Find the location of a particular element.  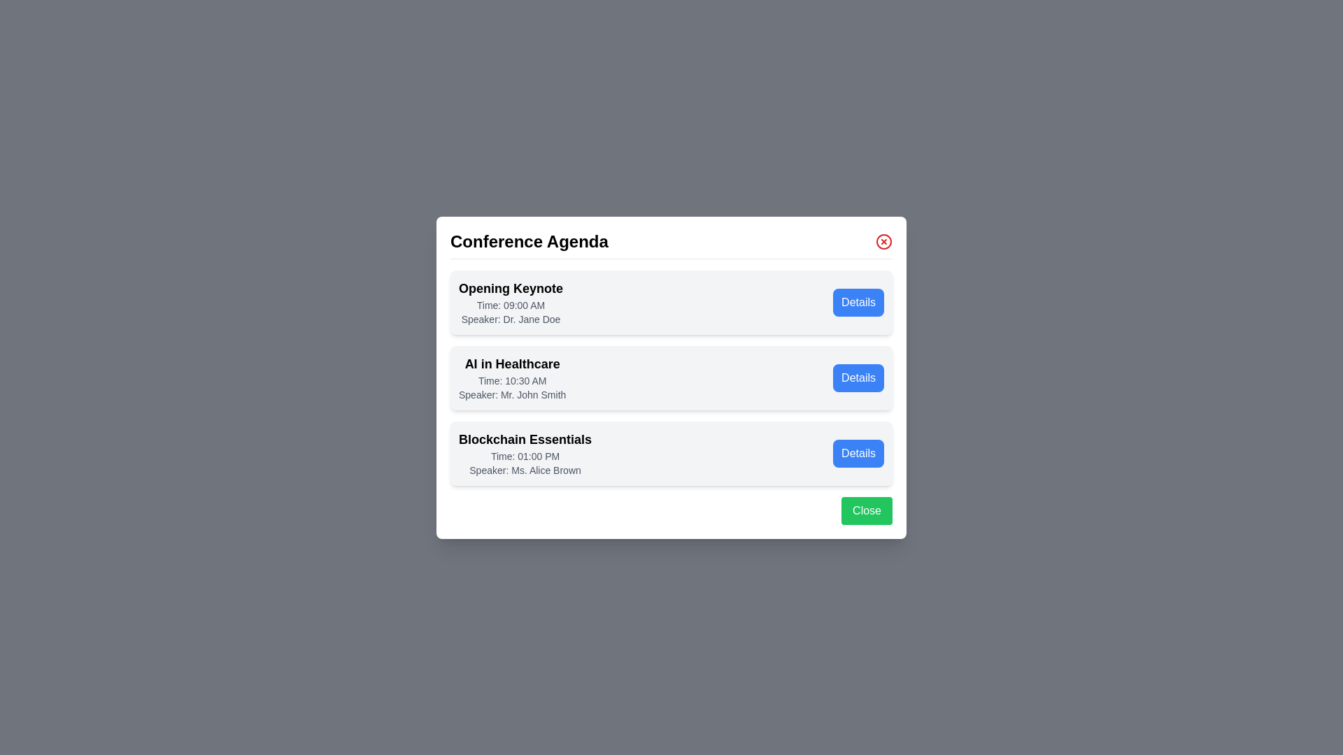

the 'Details' button for the agenda item 'AI in Healthcare' is located at coordinates (858, 377).